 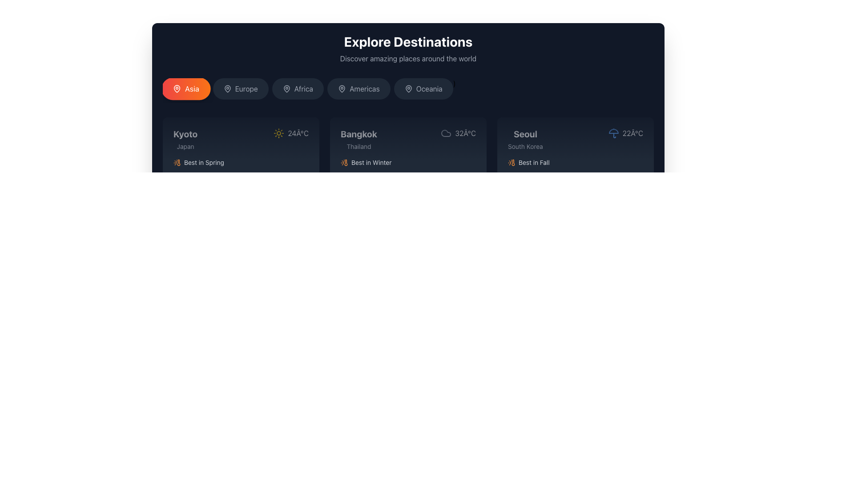 I want to click on text displayed as 'Kyoto' in bold, large font color white against a dark background, positioned at the top-left side of a card layout, so click(x=185, y=134).